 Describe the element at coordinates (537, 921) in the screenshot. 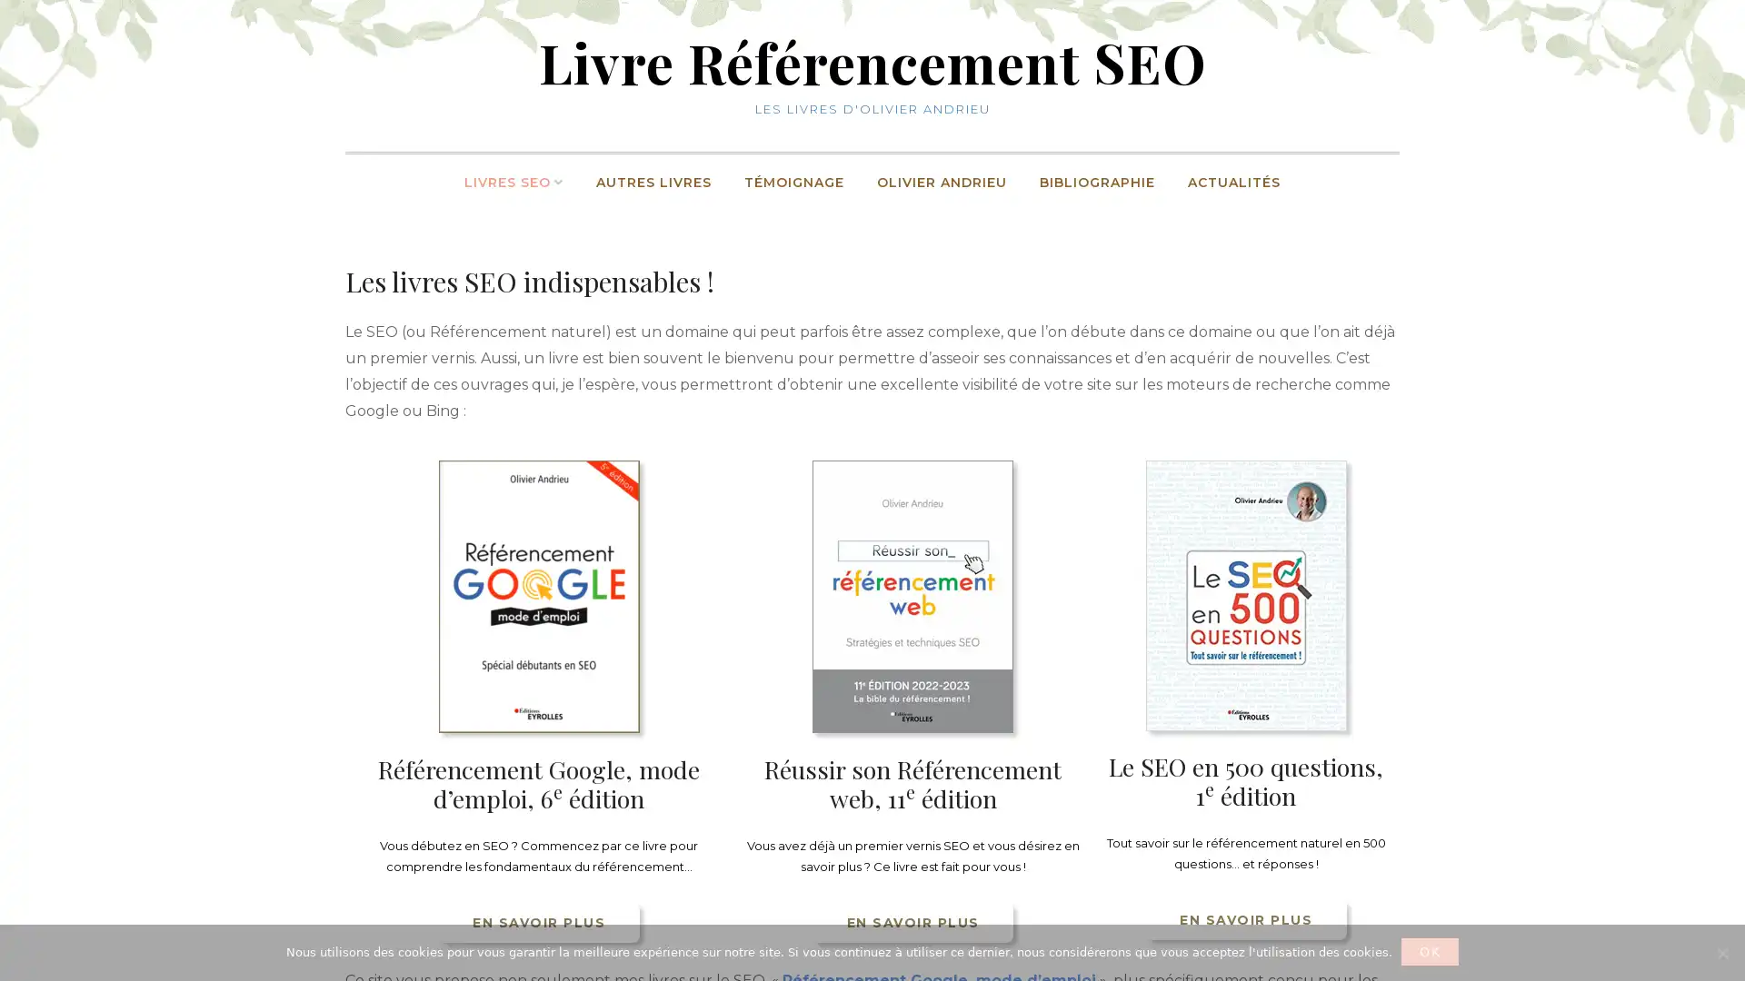

I see `EN SAVOIR PLUS` at that location.